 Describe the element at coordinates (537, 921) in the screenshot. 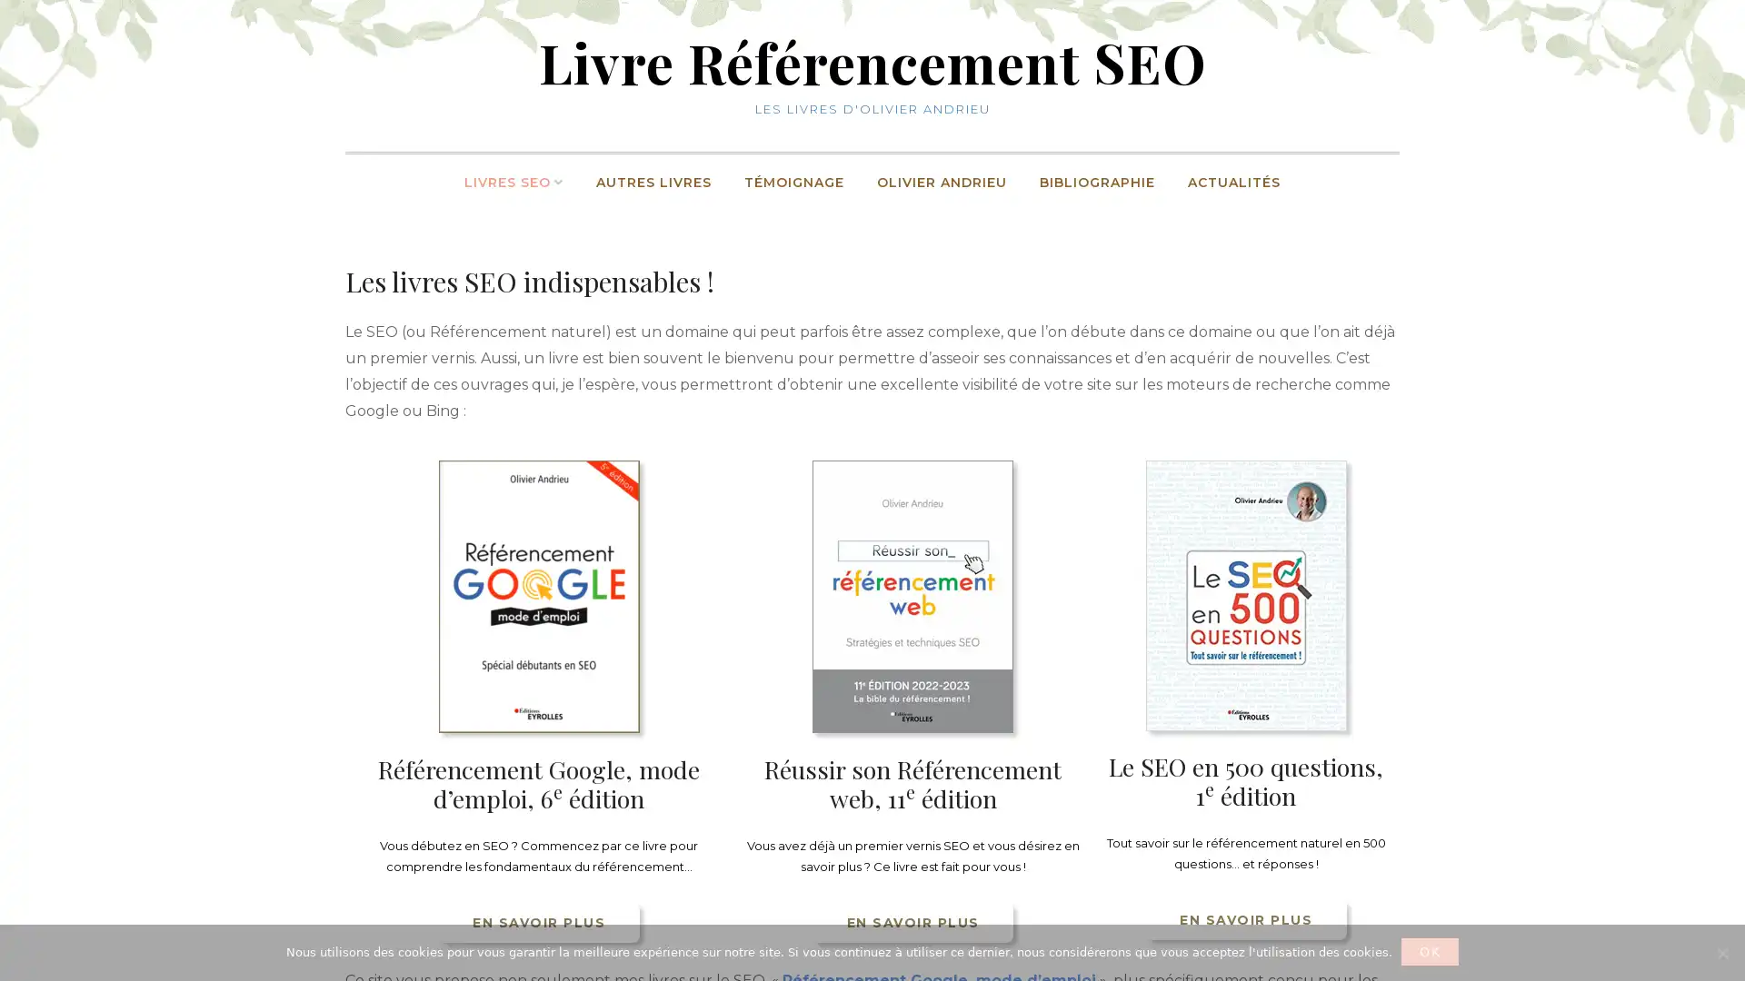

I see `EN SAVOIR PLUS` at that location.